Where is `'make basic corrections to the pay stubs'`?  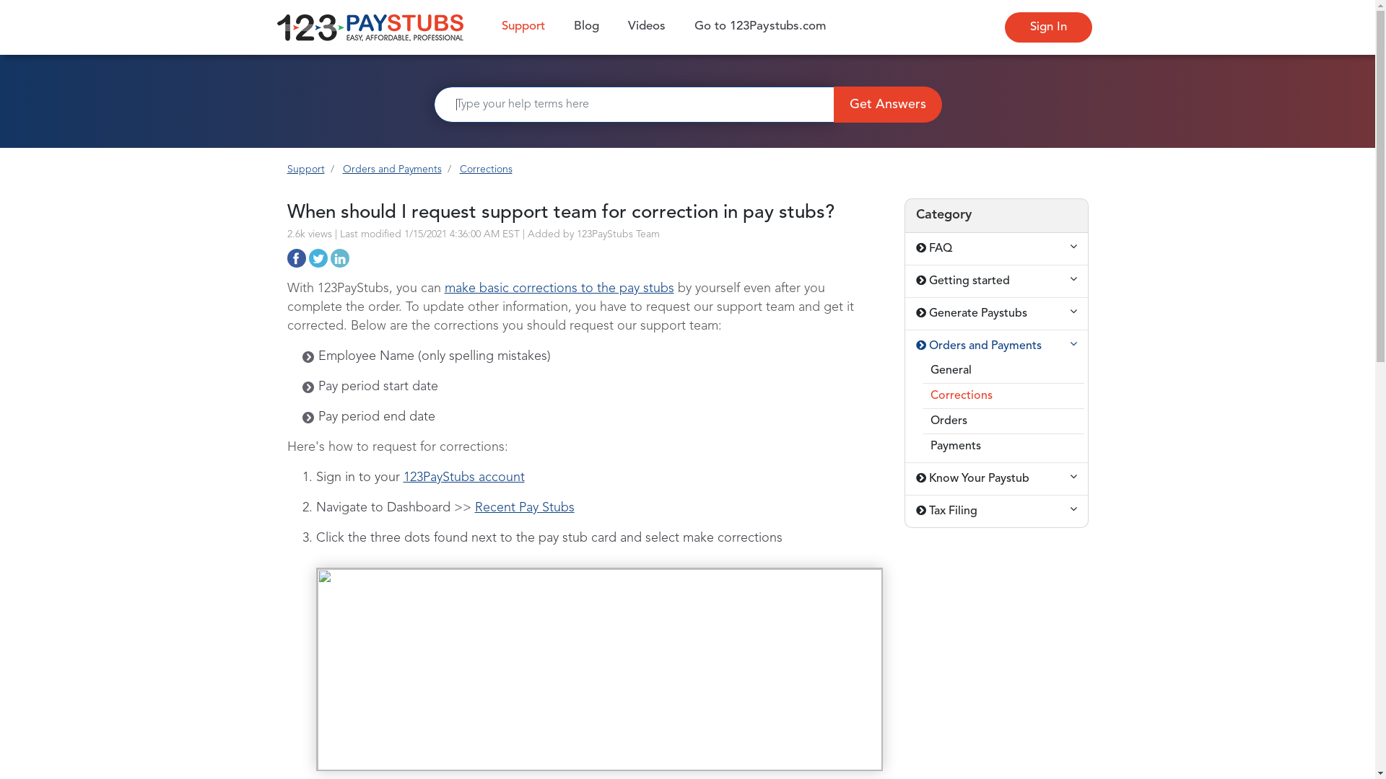 'make basic corrections to the pay stubs' is located at coordinates (558, 289).